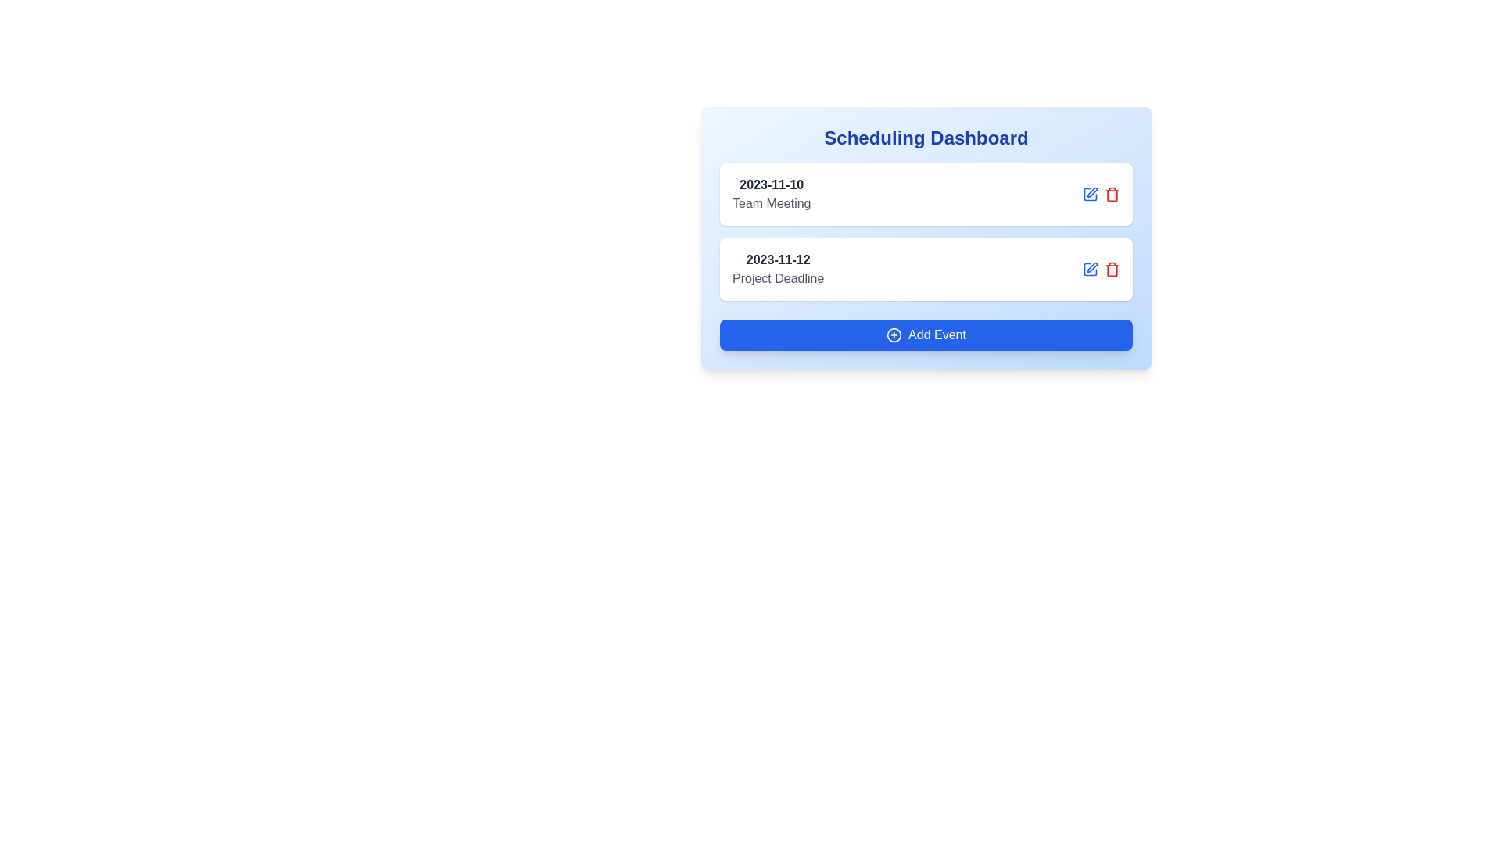 This screenshot has height=844, width=1501. I want to click on the text group representing the event scheduled for '2023-11-12' titled 'Project Deadline', which is positioned between '2023-11-10 Team Meeting' and the 'Add Event' button, so click(778, 268).